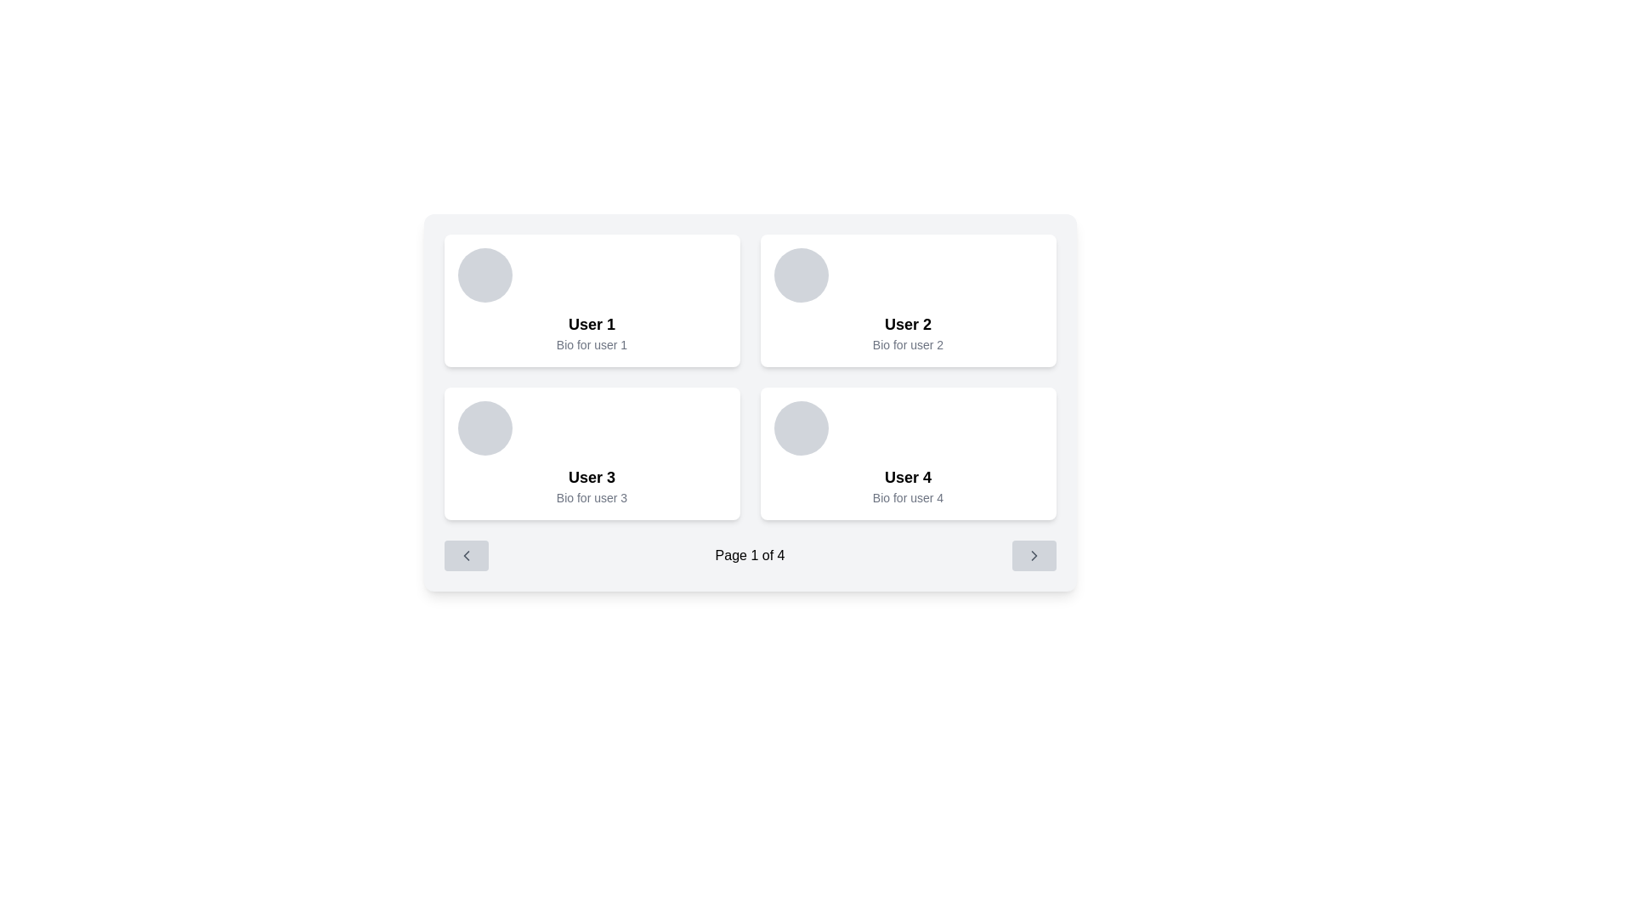 The width and height of the screenshot is (1632, 918). I want to click on the user profile card displaying the user's name and bio, located in the top-left corner of the grid layout, so click(592, 300).